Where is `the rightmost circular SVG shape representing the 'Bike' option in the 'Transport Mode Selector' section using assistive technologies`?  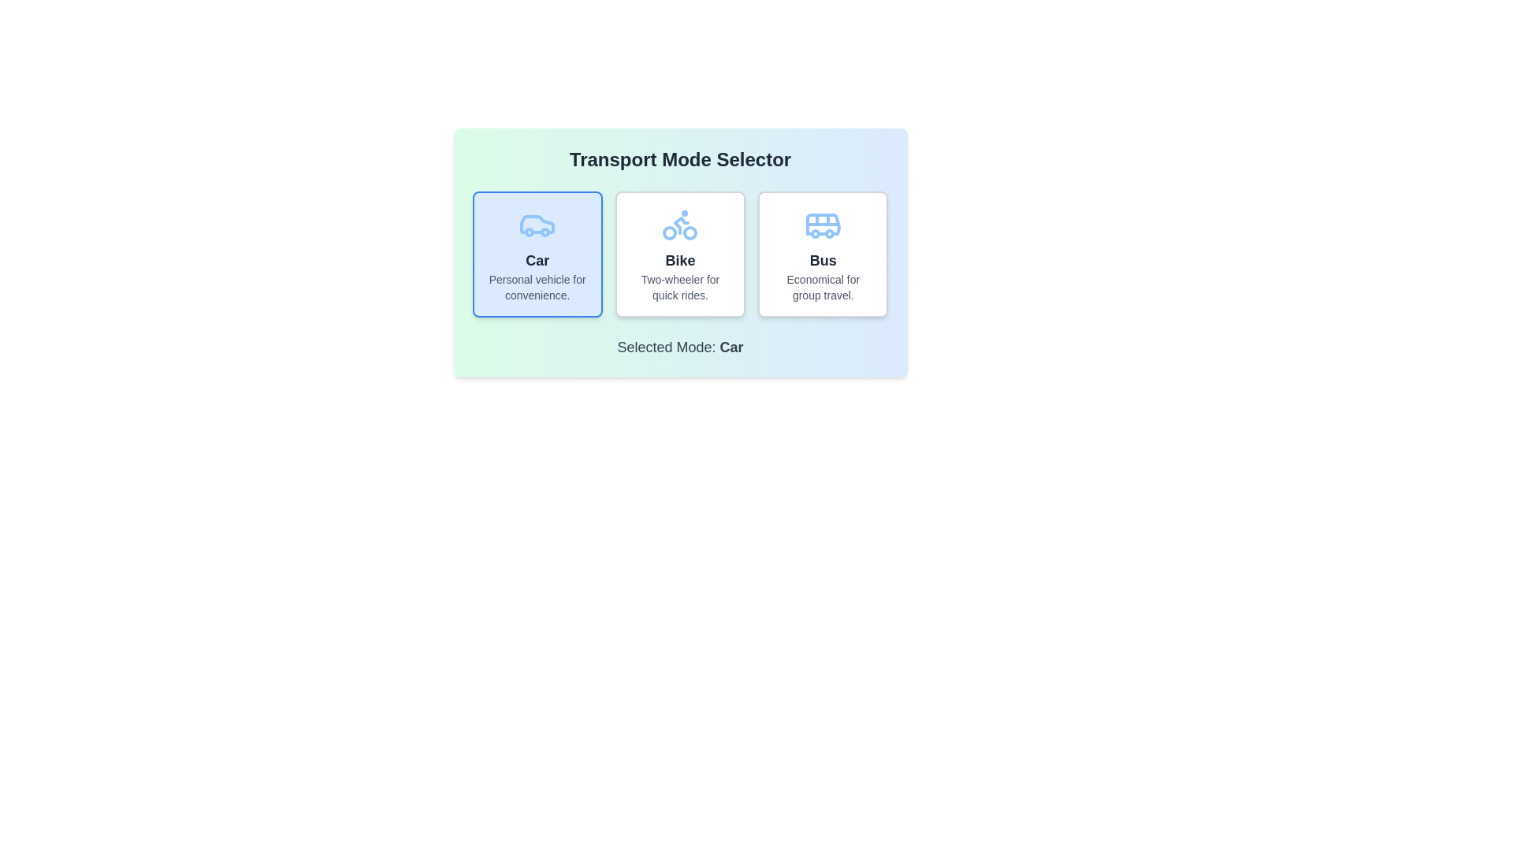
the rightmost circular SVG shape representing the 'Bike' option in the 'Transport Mode Selector' section using assistive technologies is located at coordinates (690, 233).